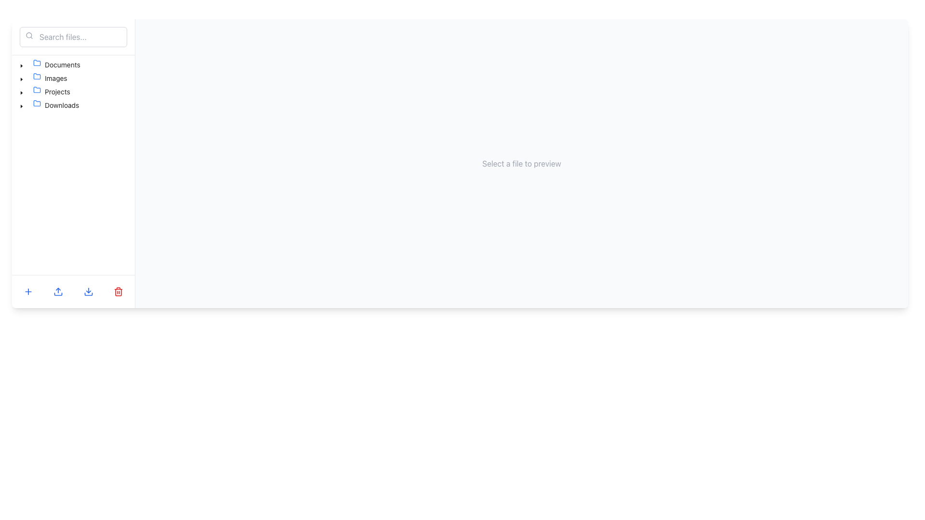  Describe the element at coordinates (43, 78) in the screenshot. I see `the tree node labeled 'Images', which is the second node in the vertical tree list, positioned between 'Documents' and 'Projects'` at that location.